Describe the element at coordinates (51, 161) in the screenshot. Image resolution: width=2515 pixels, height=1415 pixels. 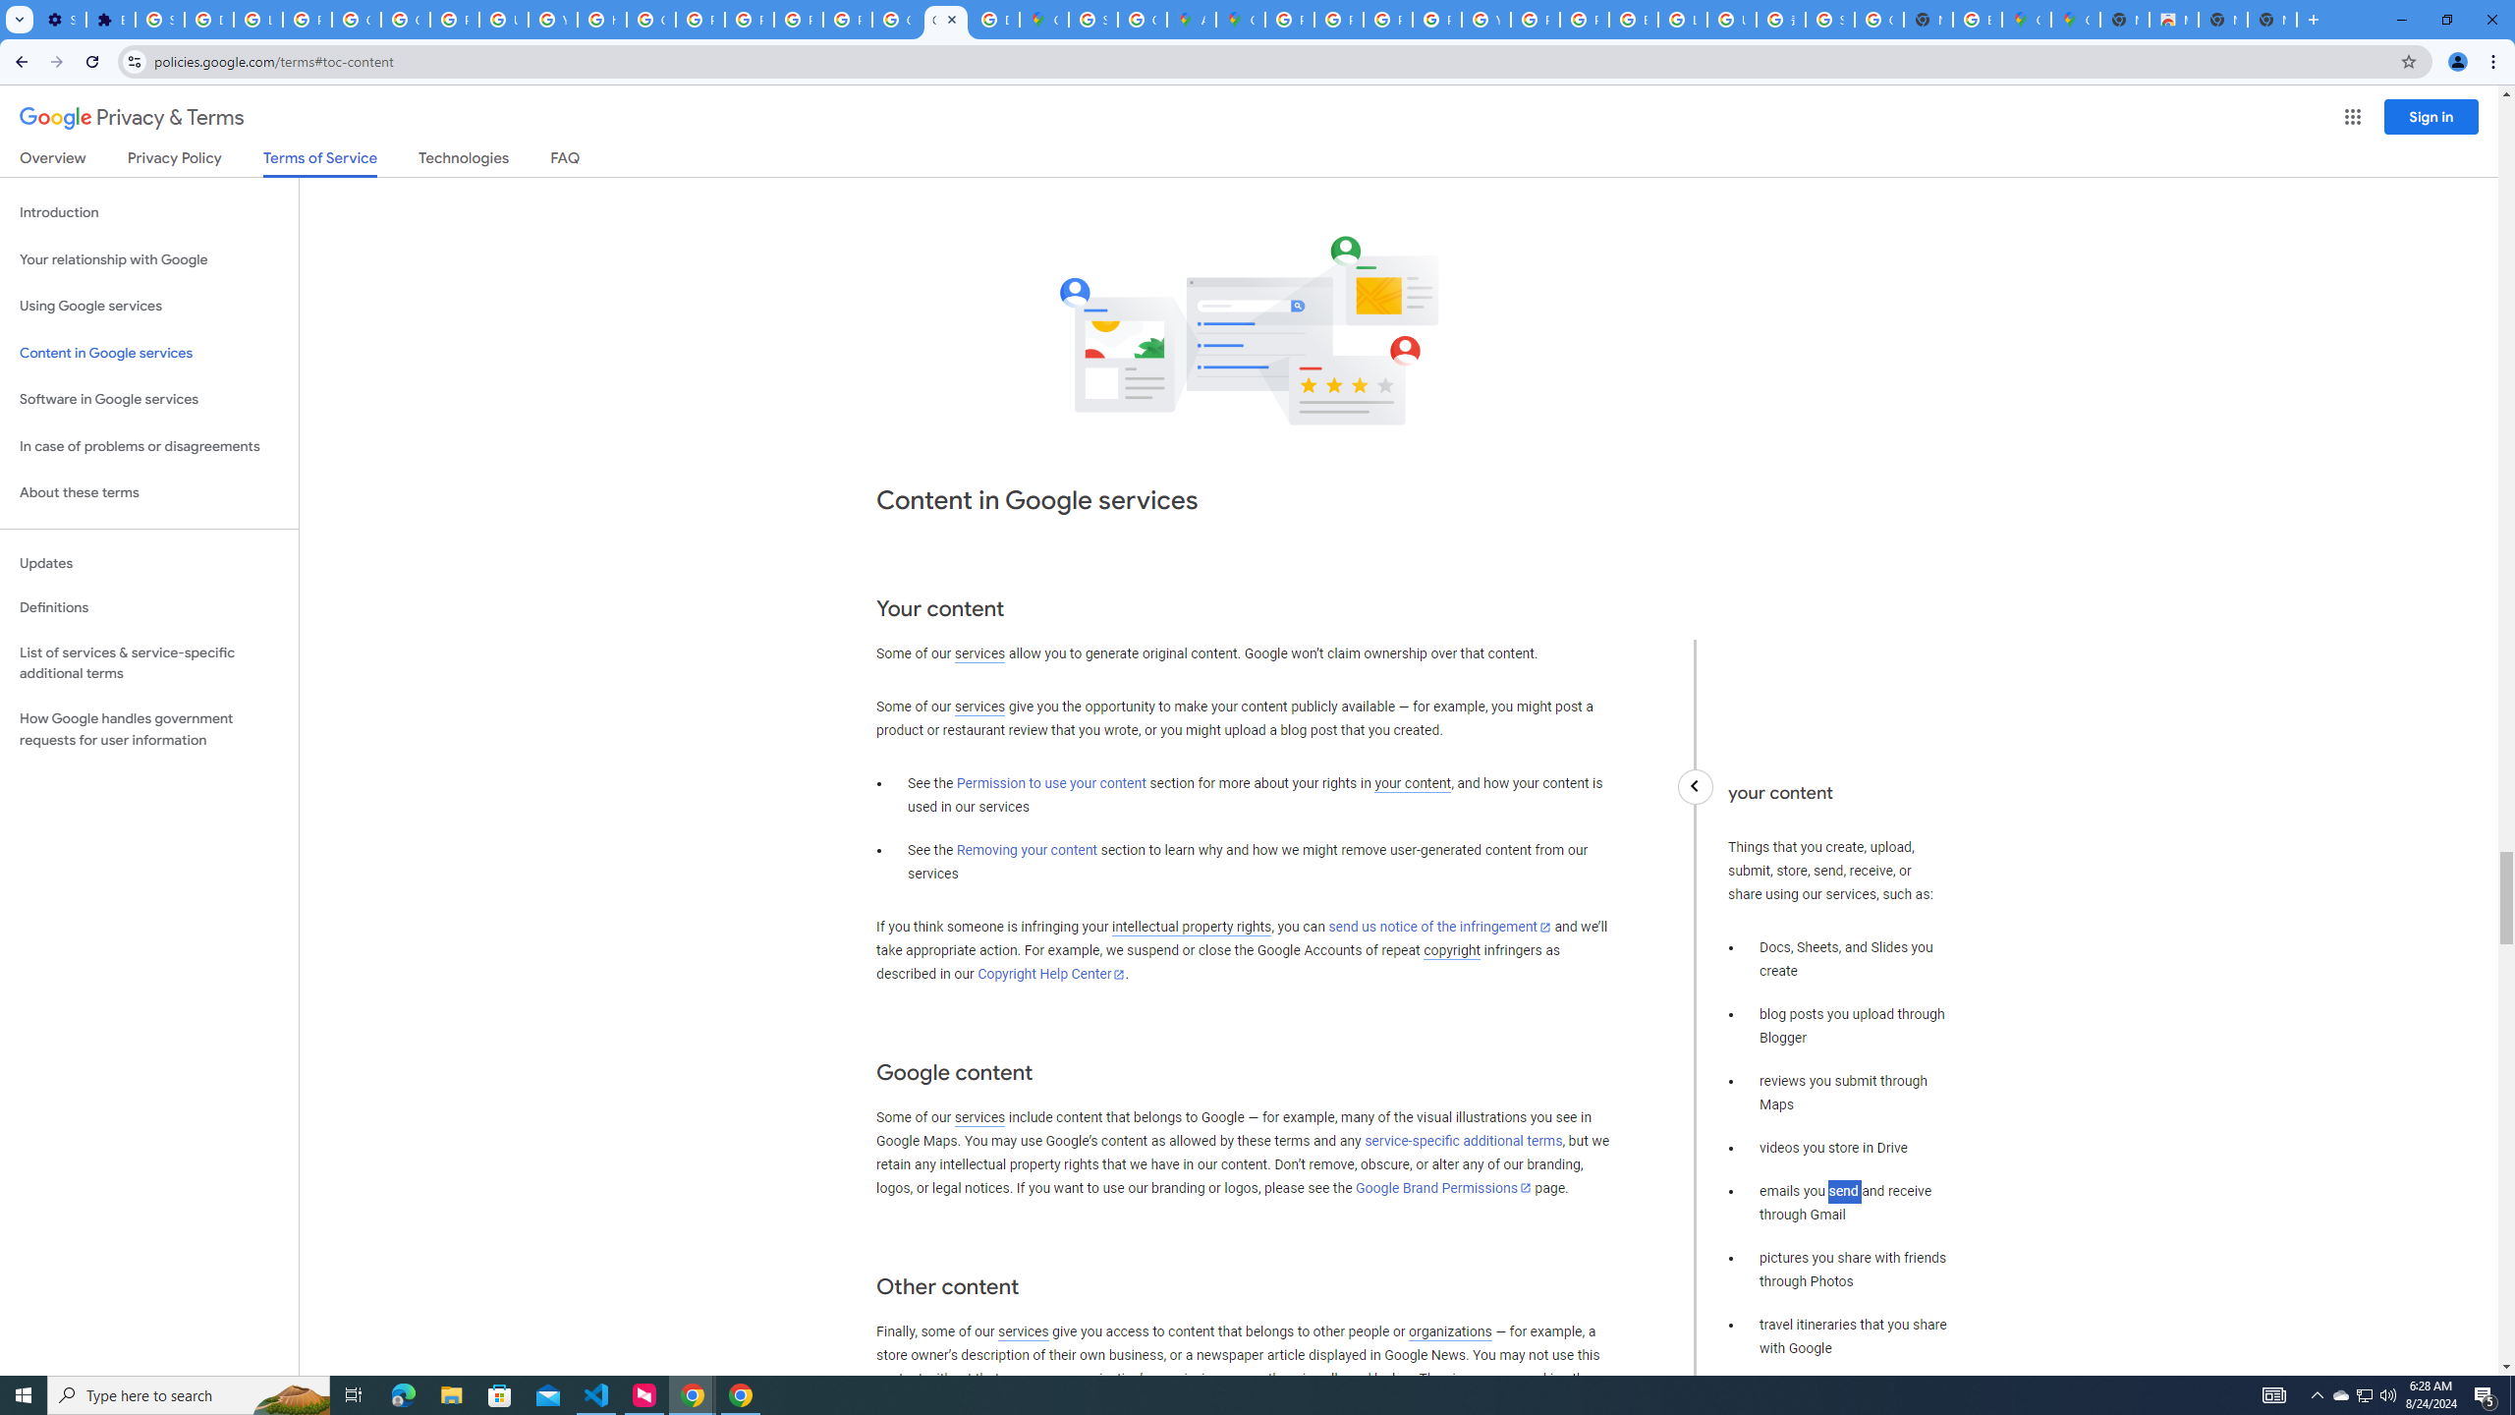
I see `'Overview'` at that location.